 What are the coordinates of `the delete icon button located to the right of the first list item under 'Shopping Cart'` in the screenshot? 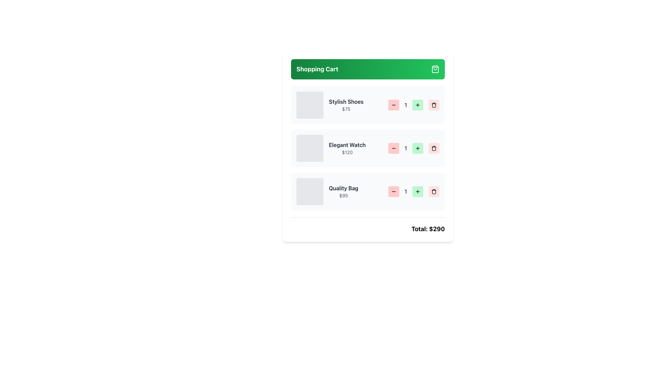 It's located at (434, 105).